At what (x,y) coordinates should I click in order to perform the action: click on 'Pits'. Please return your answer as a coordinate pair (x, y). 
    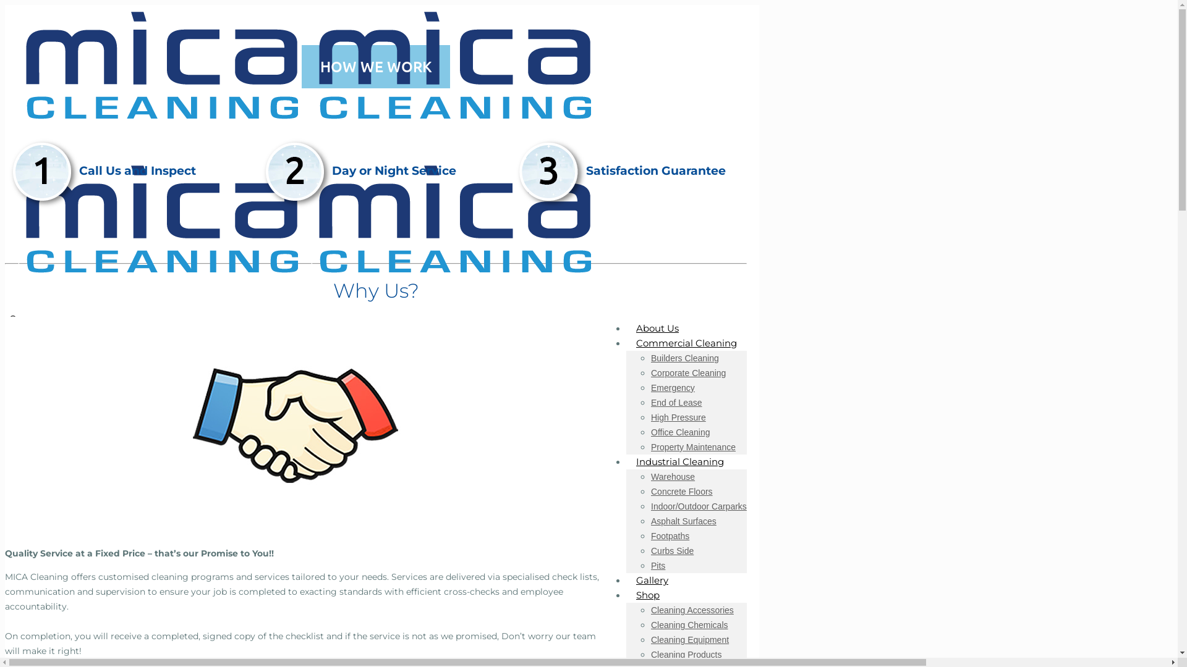
    Looking at the image, I should click on (657, 565).